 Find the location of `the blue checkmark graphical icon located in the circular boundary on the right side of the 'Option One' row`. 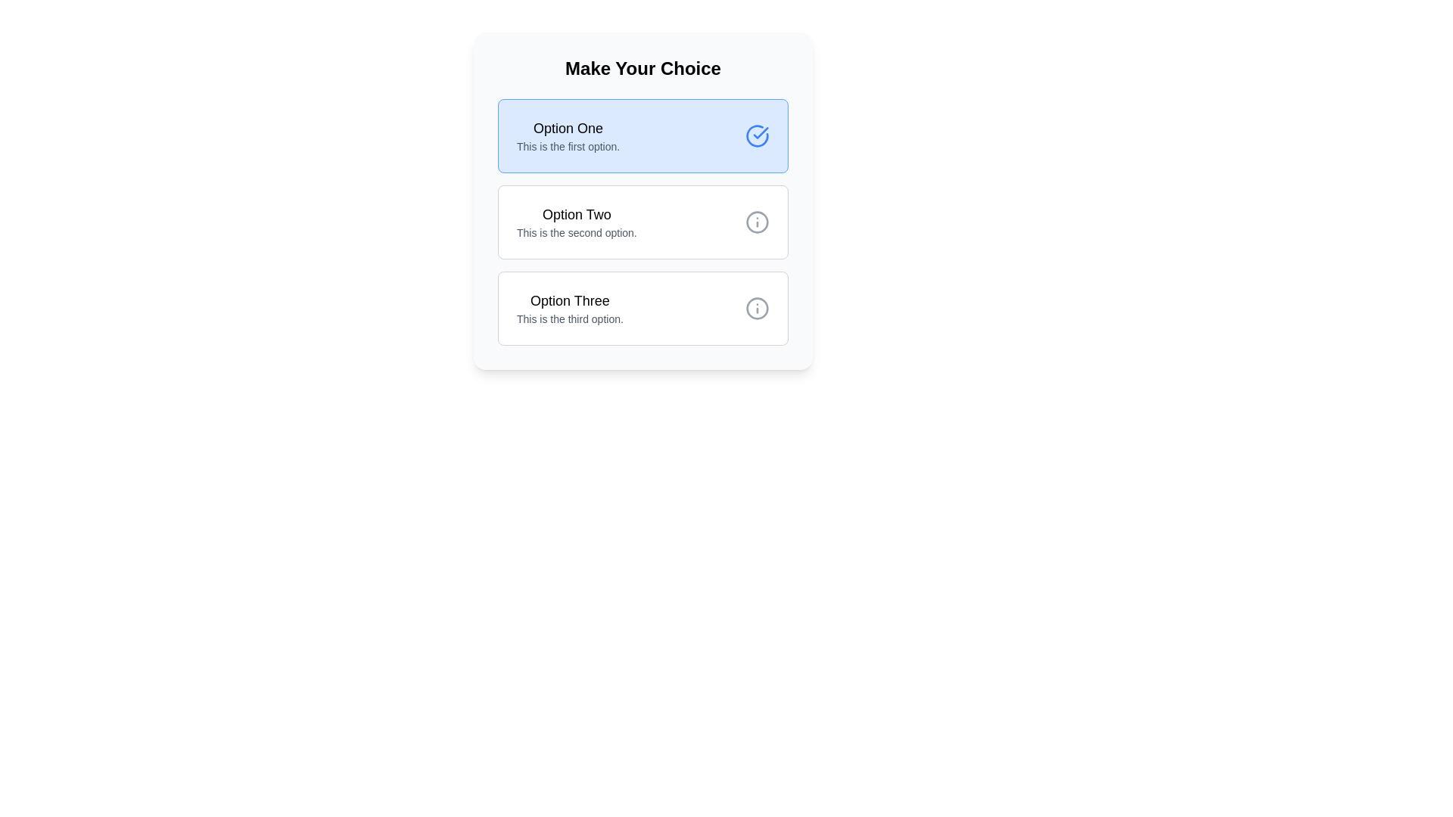

the blue checkmark graphical icon located in the circular boundary on the right side of the 'Option One' row is located at coordinates (761, 132).